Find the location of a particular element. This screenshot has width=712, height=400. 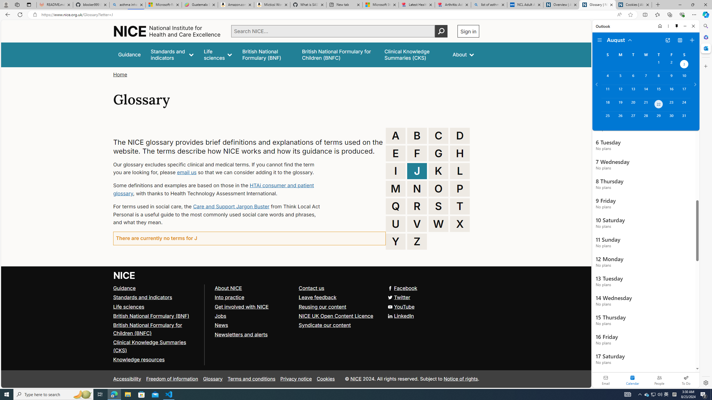

'list of asthma inhalers uk - Search' is located at coordinates (489, 4).